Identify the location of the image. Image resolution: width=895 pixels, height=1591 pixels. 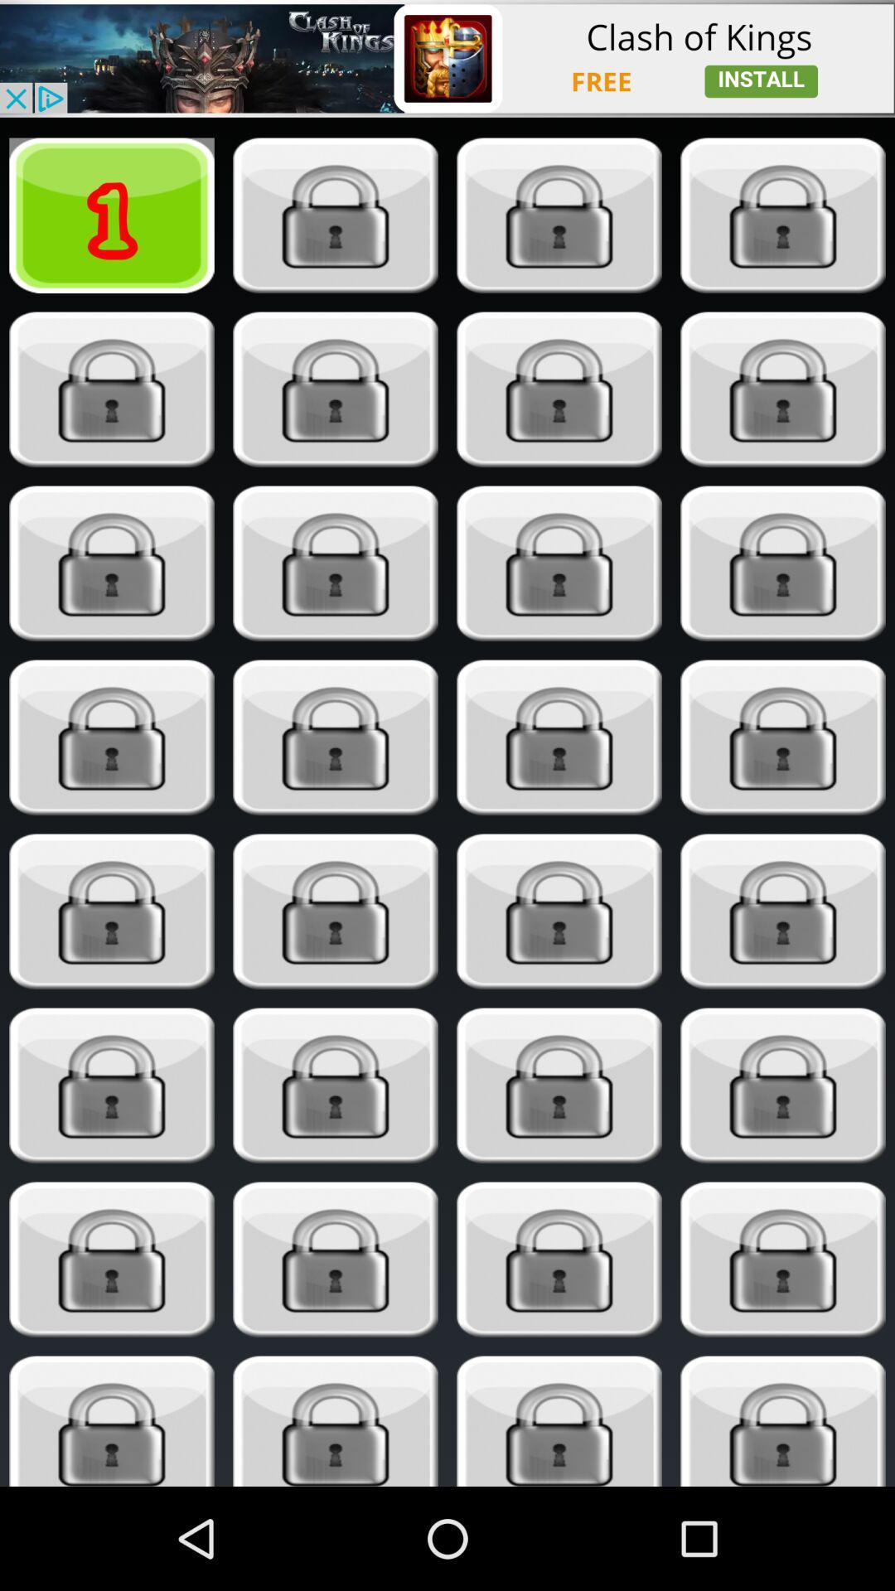
(336, 911).